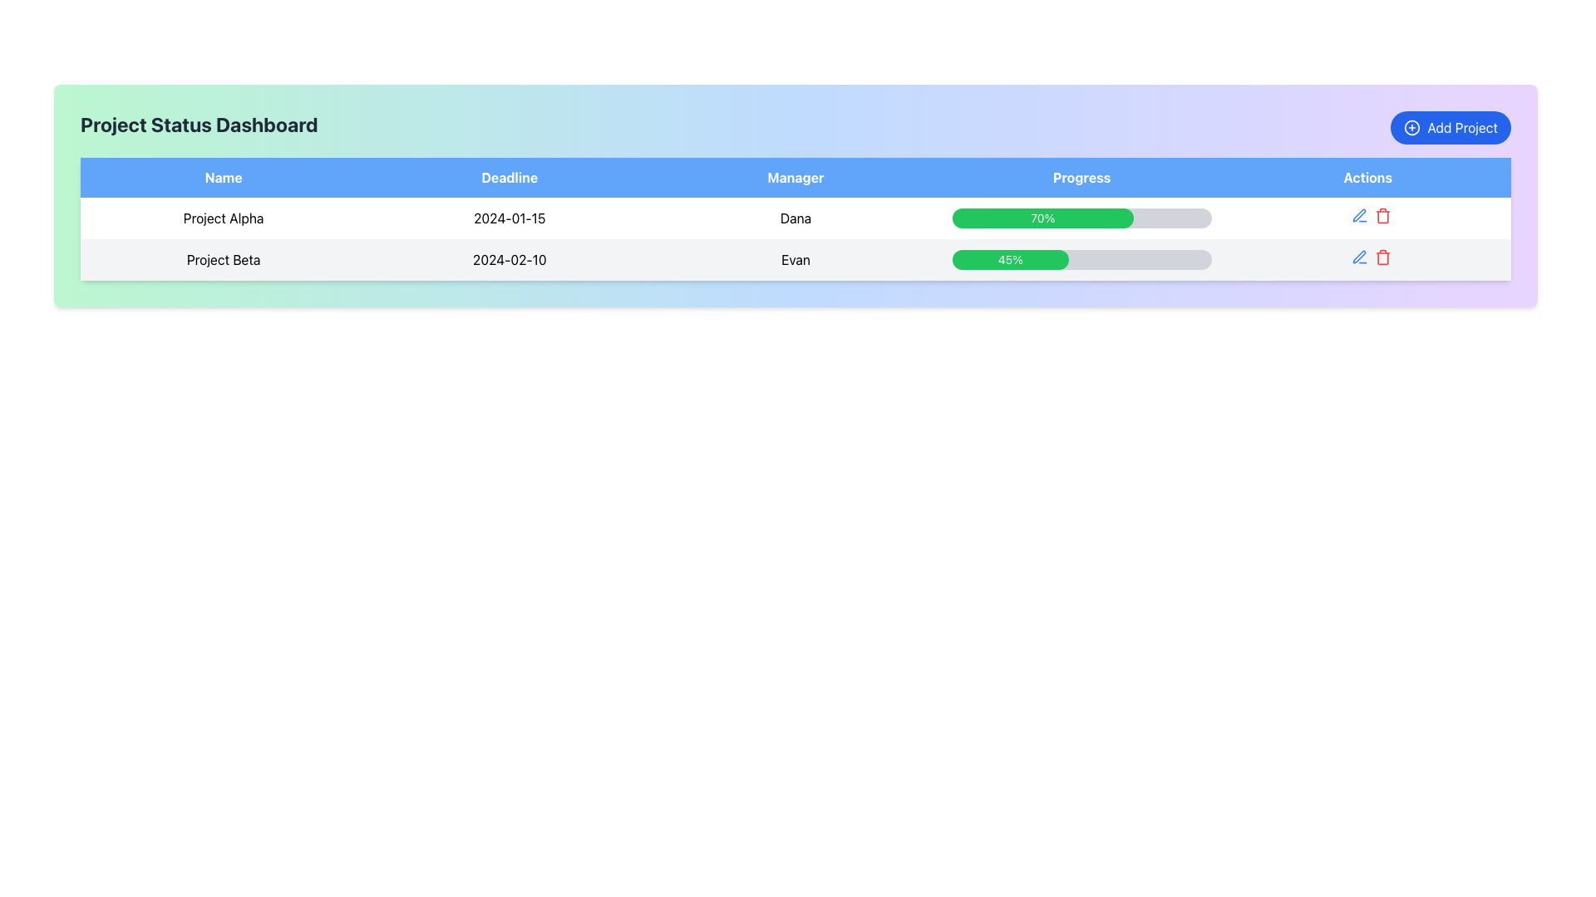 This screenshot has height=897, width=1596. Describe the element at coordinates (1359, 214) in the screenshot. I see `the edit icon button located in the 'Actions' column of the second row in the table to observe the styling change` at that location.